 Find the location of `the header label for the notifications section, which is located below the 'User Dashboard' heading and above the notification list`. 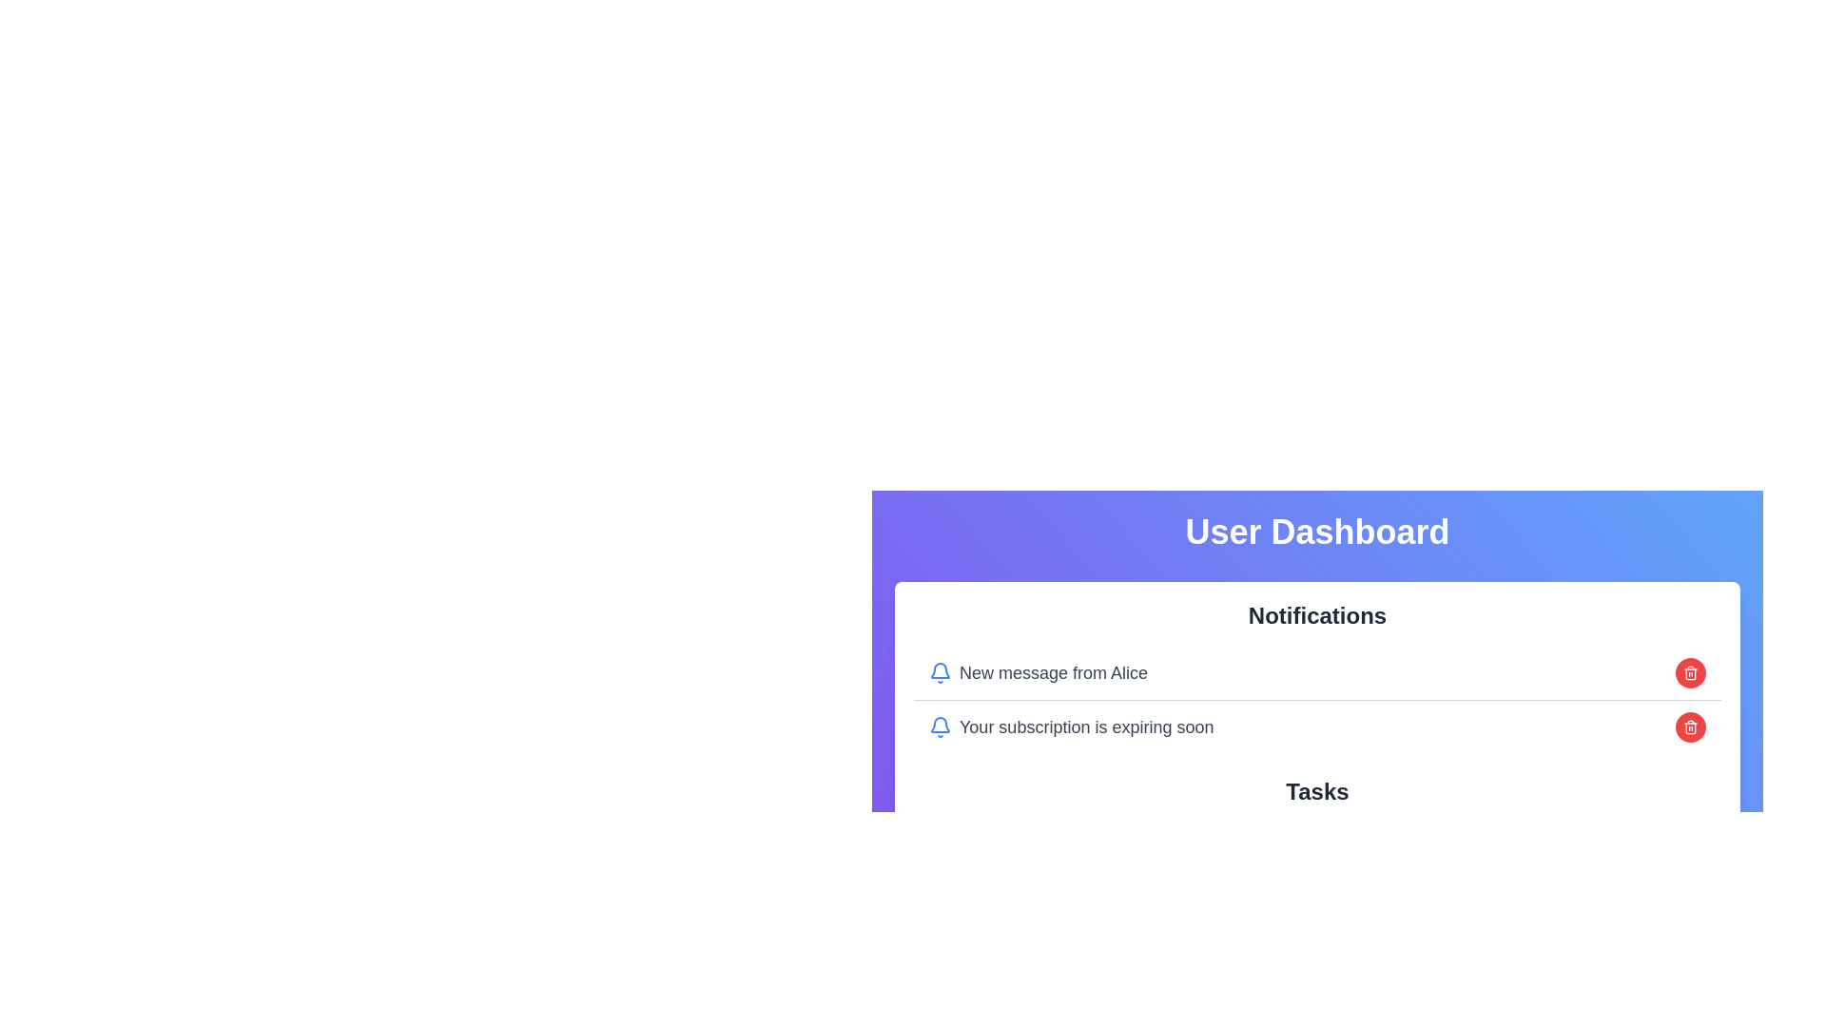

the header label for the notifications section, which is located below the 'User Dashboard' heading and above the notification list is located at coordinates (1316, 616).